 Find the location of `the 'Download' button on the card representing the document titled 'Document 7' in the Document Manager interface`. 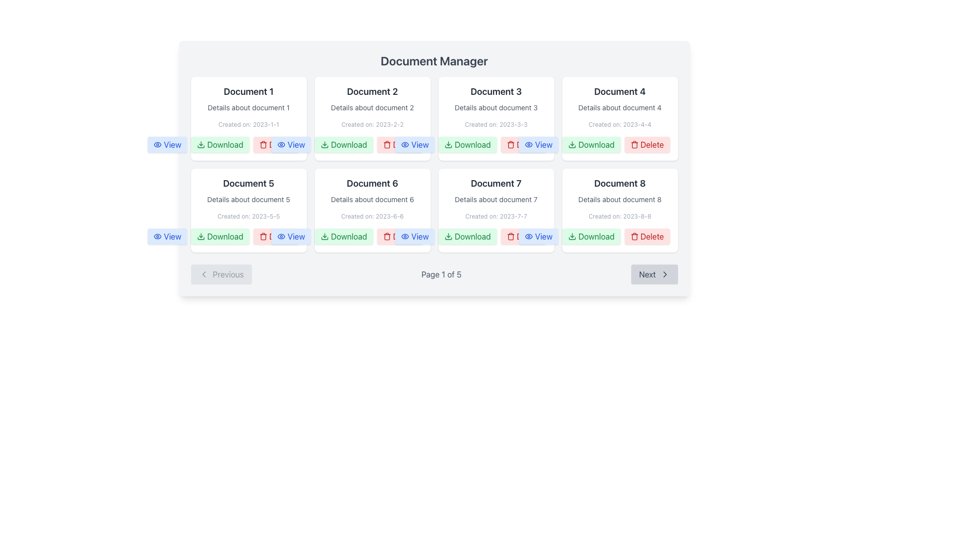

the 'Download' button on the card representing the document titled 'Document 7' in the Document Manager interface is located at coordinates (496, 210).